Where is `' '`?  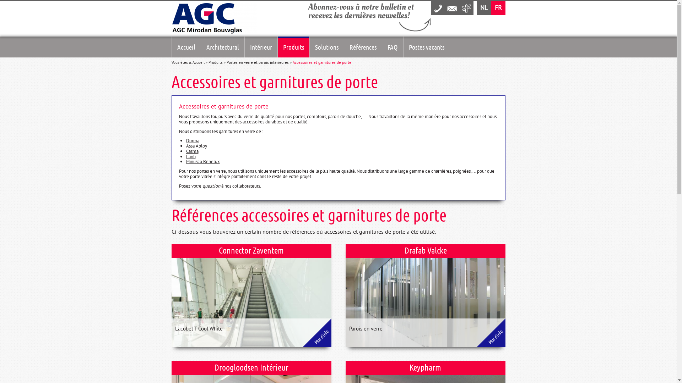 ' ' is located at coordinates (437, 8).